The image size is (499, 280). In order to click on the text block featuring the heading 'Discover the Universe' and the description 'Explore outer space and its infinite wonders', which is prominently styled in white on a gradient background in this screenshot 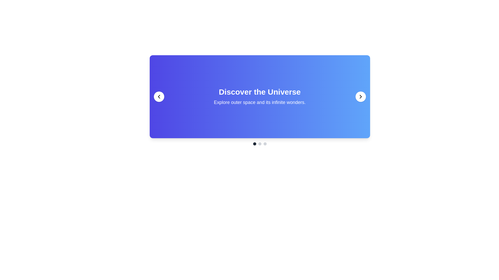, I will do `click(260, 97)`.